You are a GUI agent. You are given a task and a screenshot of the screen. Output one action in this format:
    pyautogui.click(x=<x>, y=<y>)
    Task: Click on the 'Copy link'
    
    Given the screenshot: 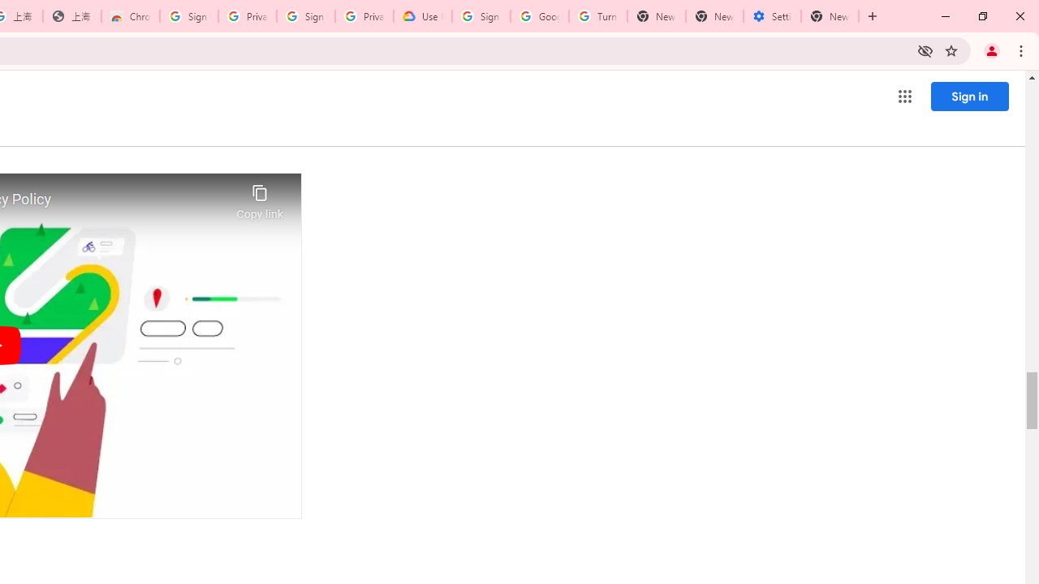 What is the action you would take?
    pyautogui.click(x=260, y=197)
    